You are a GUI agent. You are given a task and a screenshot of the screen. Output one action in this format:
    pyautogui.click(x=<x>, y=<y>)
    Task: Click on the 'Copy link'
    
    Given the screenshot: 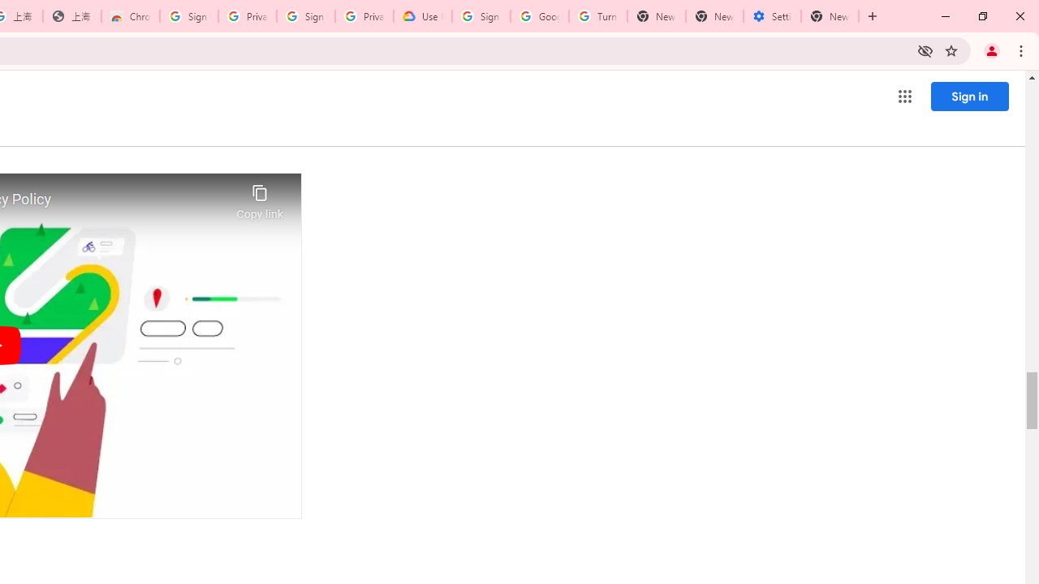 What is the action you would take?
    pyautogui.click(x=260, y=197)
    